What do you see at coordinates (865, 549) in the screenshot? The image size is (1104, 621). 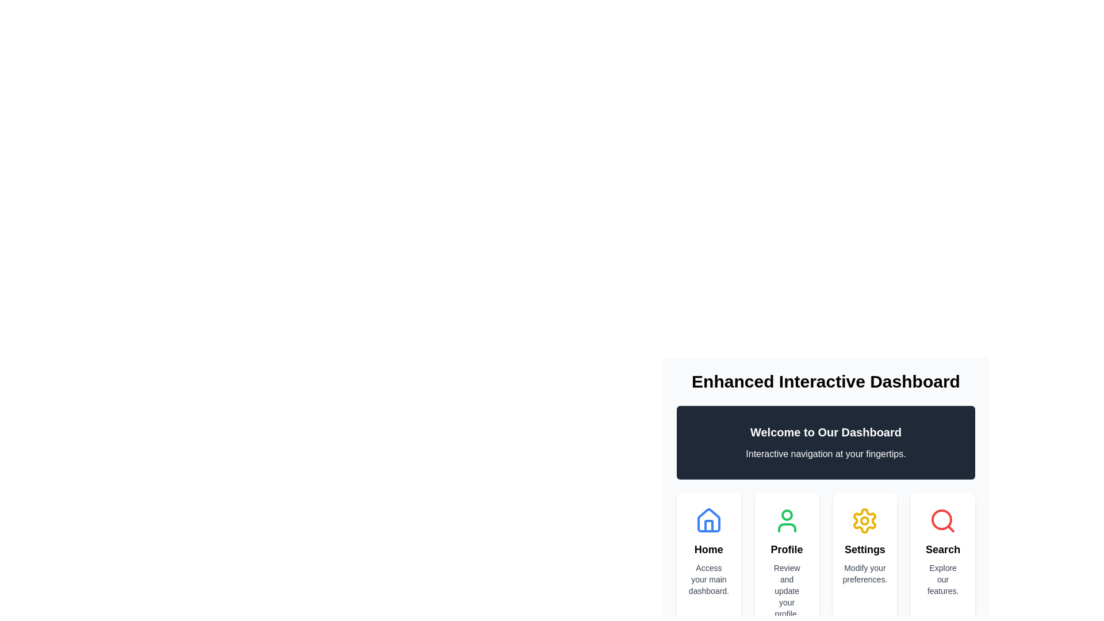 I see `the bold, black text label reading 'Settings' which is prominently displayed at the top center of its card-like section` at bounding box center [865, 549].